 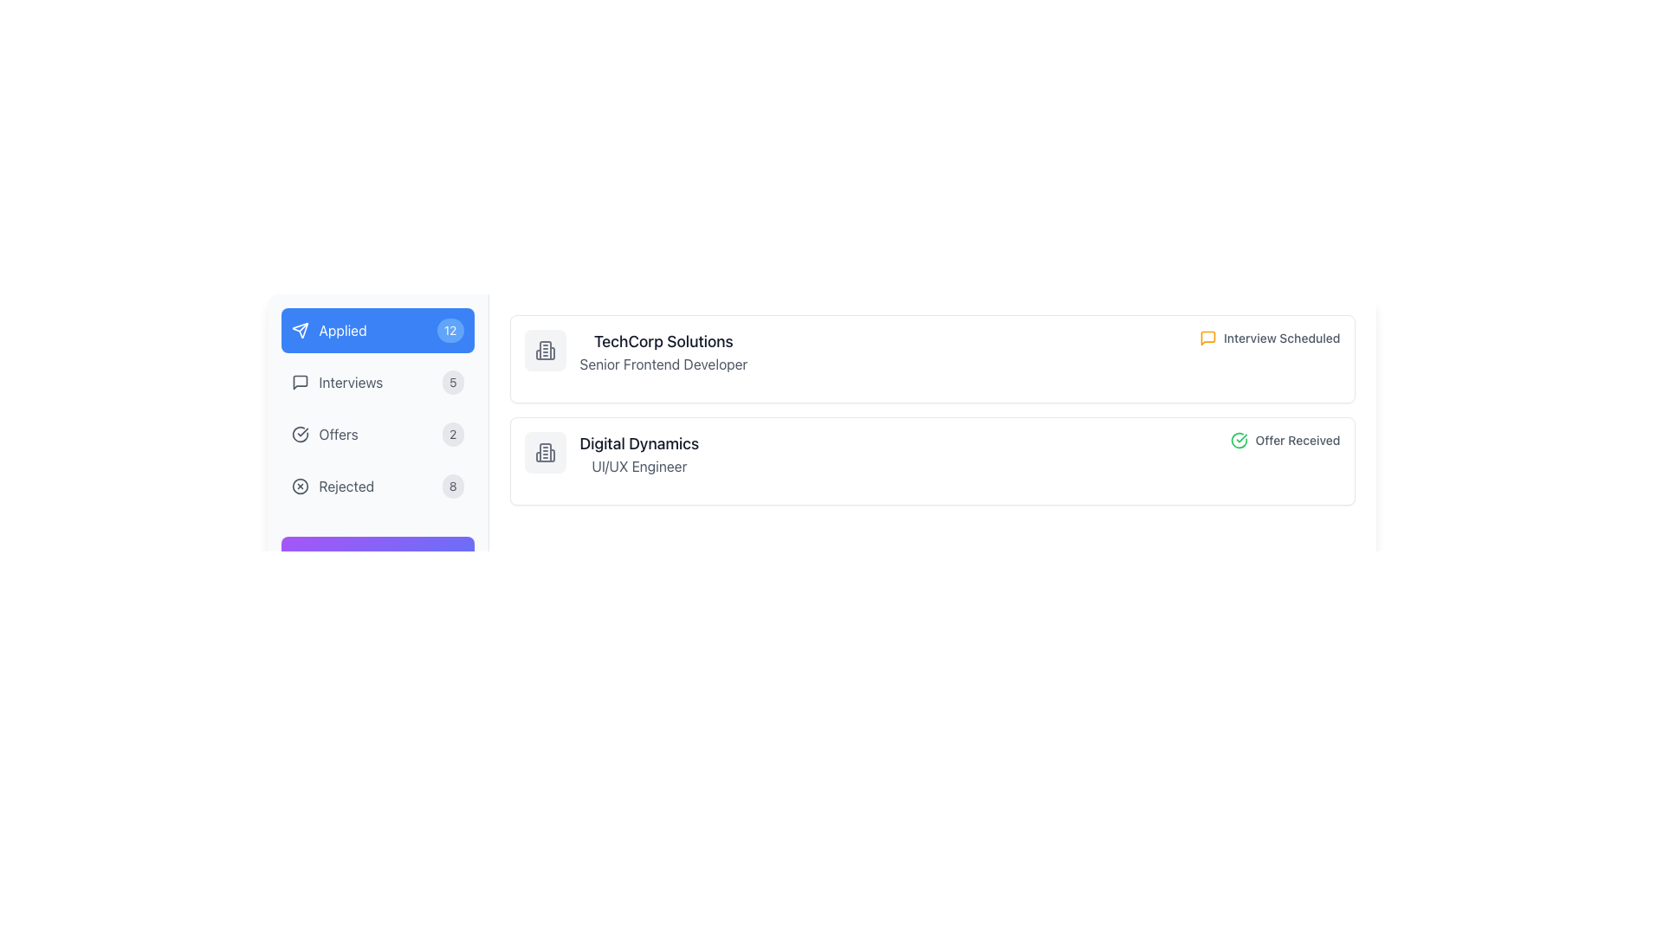 What do you see at coordinates (638, 453) in the screenshot?
I see `the informational text display showing the company name and job title located in the second card of the job applications list, next to the building icon and under 'TechCorp Solutions'` at bounding box center [638, 453].